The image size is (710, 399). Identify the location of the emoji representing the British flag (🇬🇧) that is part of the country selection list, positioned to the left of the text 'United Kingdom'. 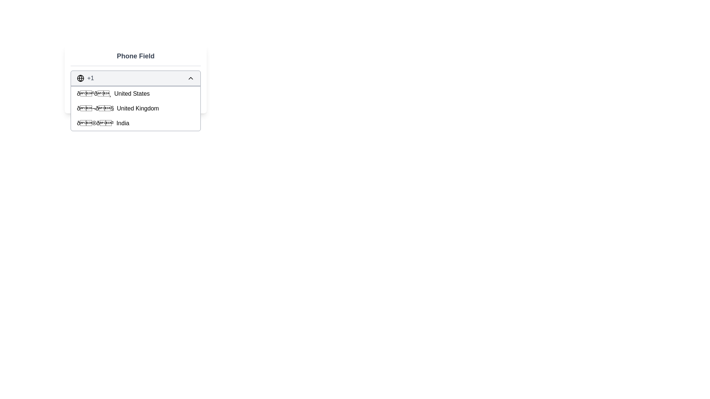
(95, 108).